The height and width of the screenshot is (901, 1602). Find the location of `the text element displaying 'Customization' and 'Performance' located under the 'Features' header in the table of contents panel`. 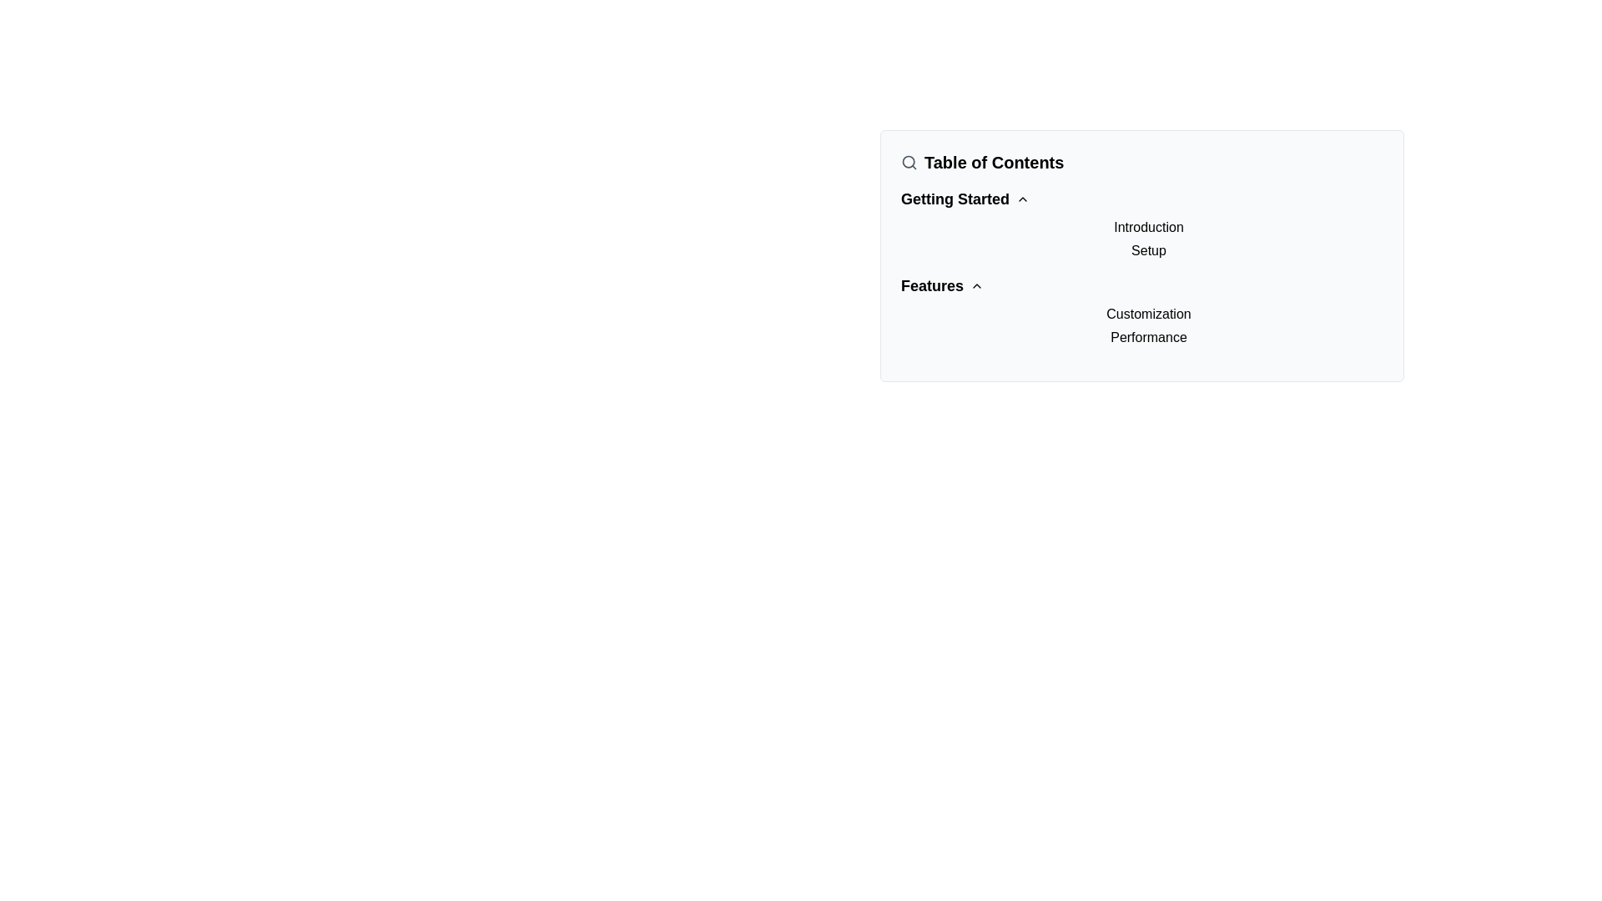

the text element displaying 'Customization' and 'Performance' located under the 'Features' header in the table of contents panel is located at coordinates (1141, 325).